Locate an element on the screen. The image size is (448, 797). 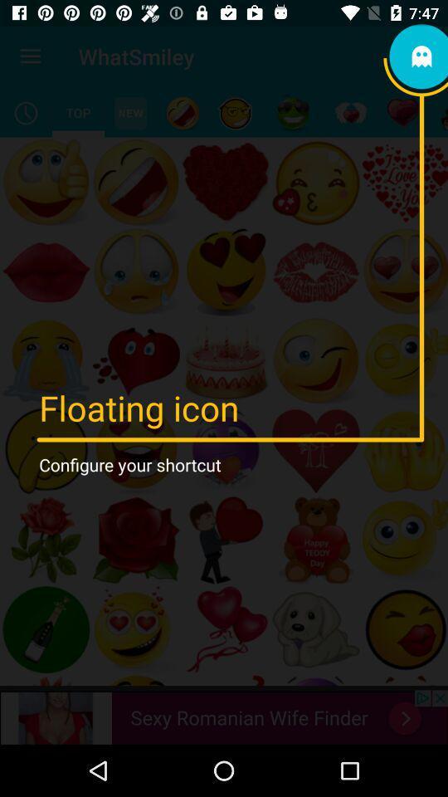
open advertisement in a browser is located at coordinates (224, 716).